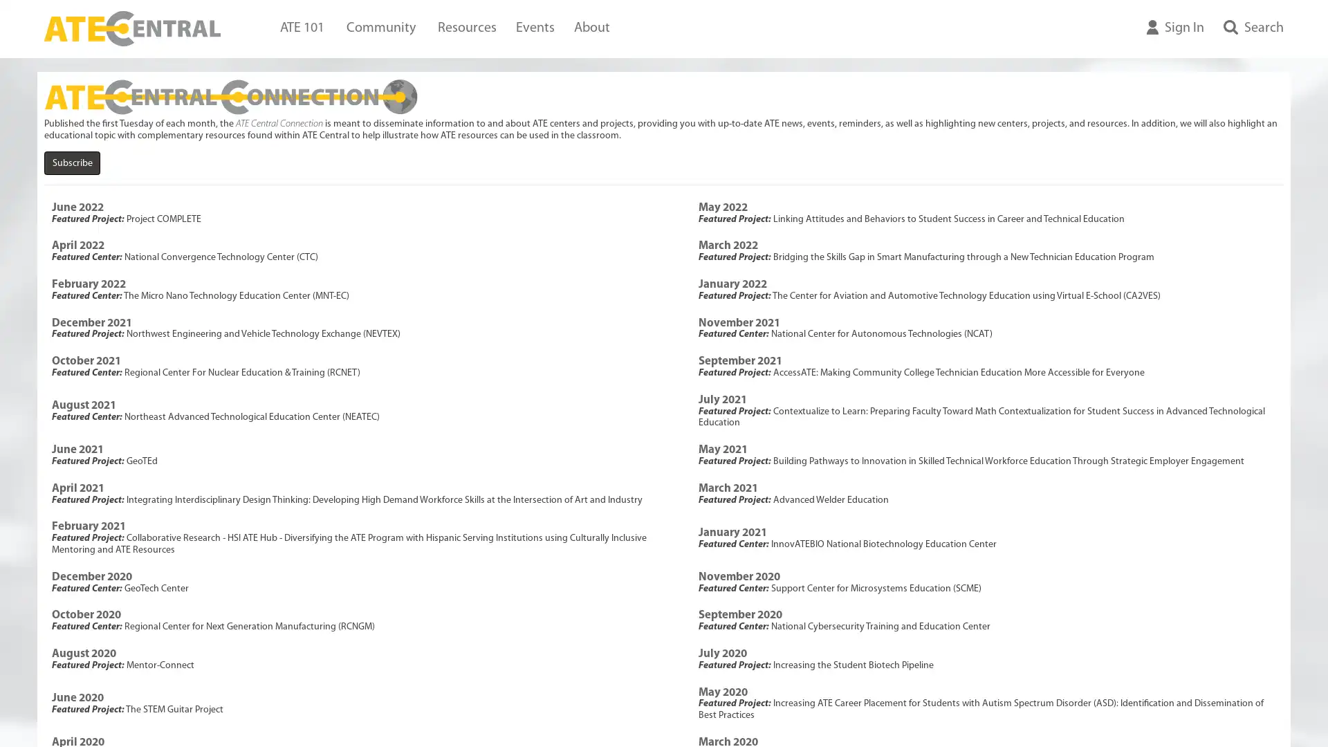  I want to click on Meeple Sign In, so click(1174, 28).